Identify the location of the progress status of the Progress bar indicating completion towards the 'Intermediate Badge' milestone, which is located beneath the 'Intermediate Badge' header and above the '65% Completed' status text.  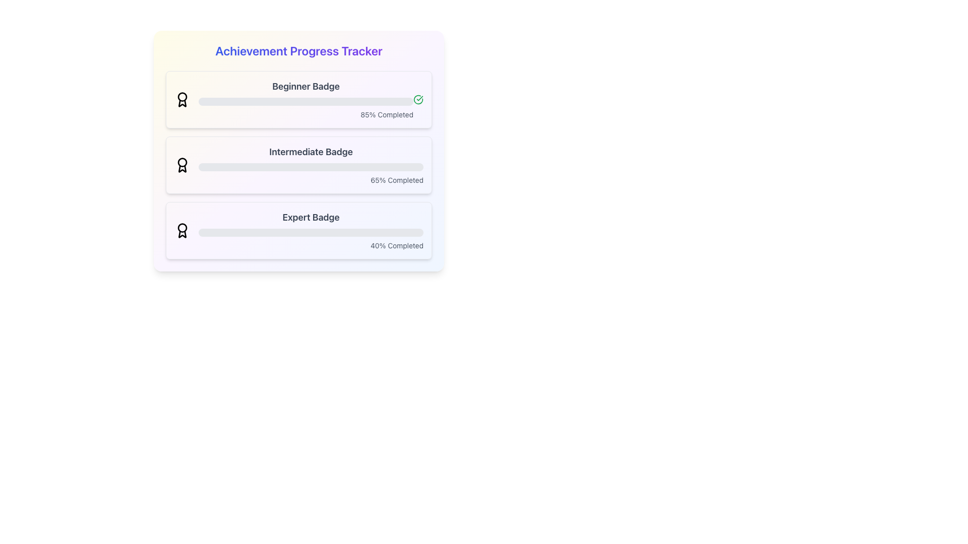
(311, 166).